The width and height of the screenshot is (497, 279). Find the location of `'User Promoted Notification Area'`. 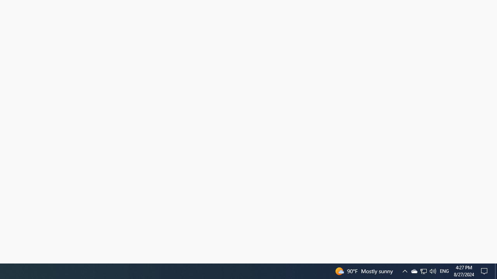

'User Promoted Notification Area' is located at coordinates (432, 270).